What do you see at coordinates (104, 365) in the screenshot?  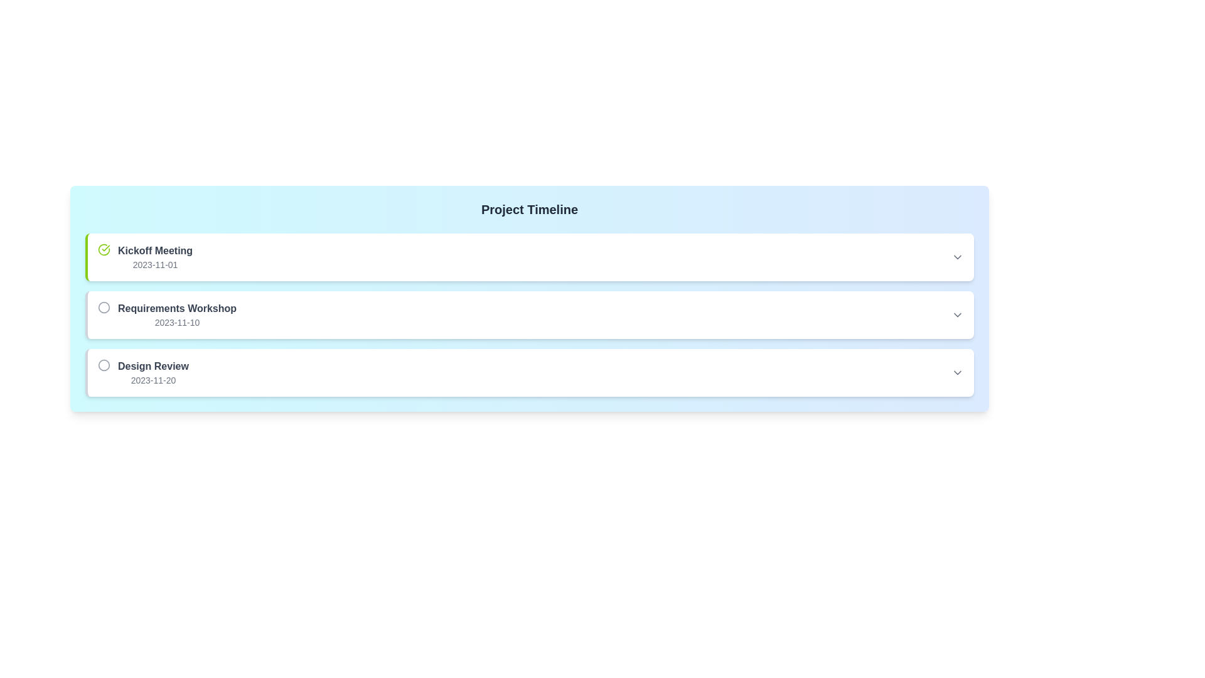 I see `the decorative circle icon located in the third row of the timeline, adjacent to the 'Design Review' text` at bounding box center [104, 365].